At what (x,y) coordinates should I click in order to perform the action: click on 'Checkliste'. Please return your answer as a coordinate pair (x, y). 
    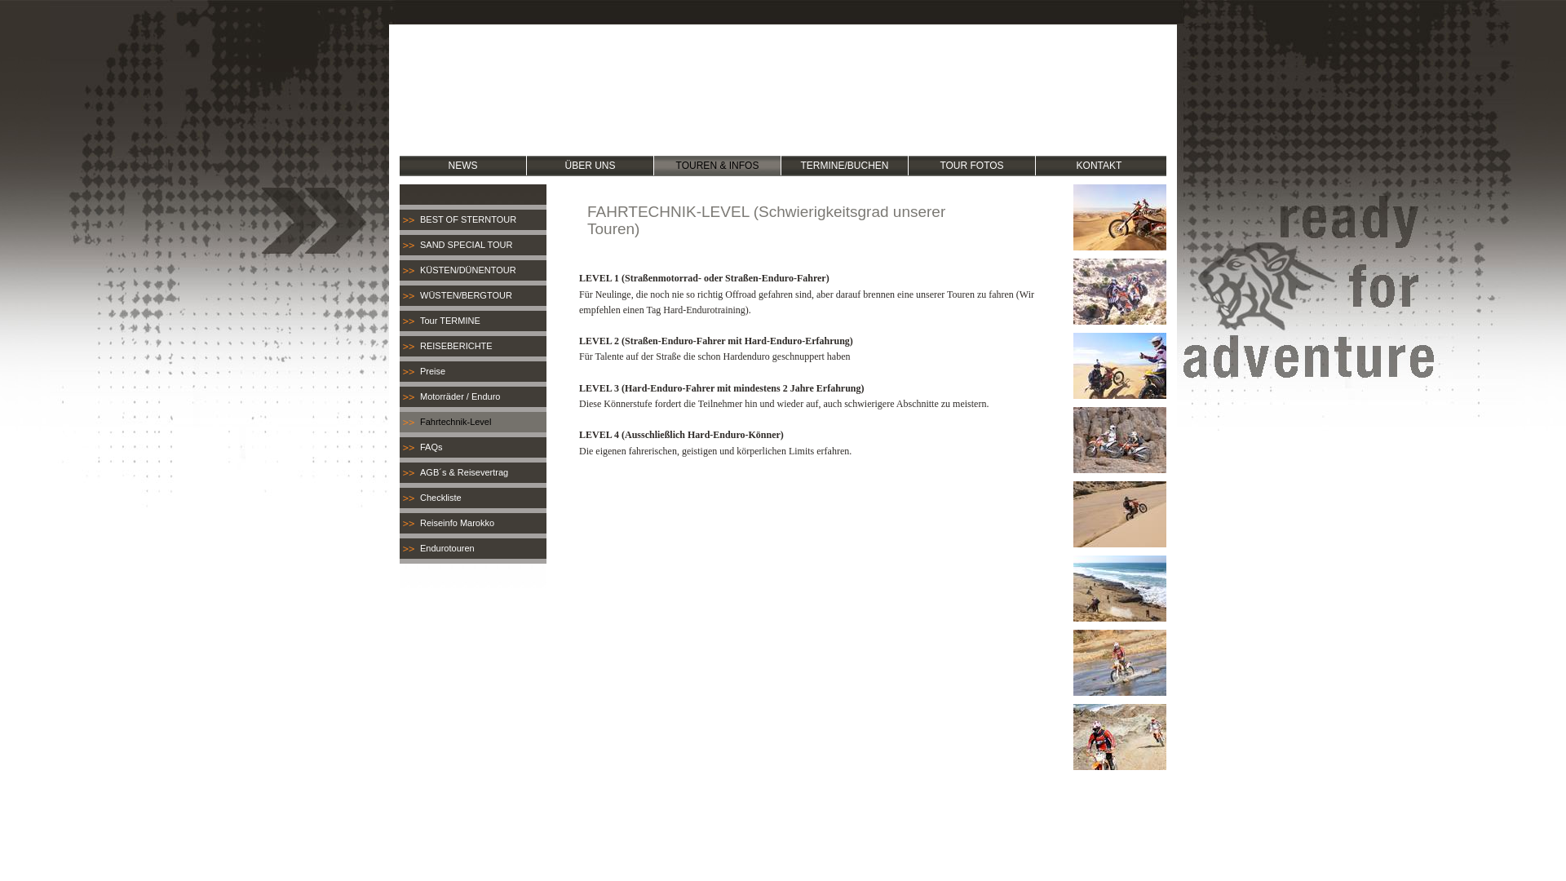
    Looking at the image, I should click on (472, 497).